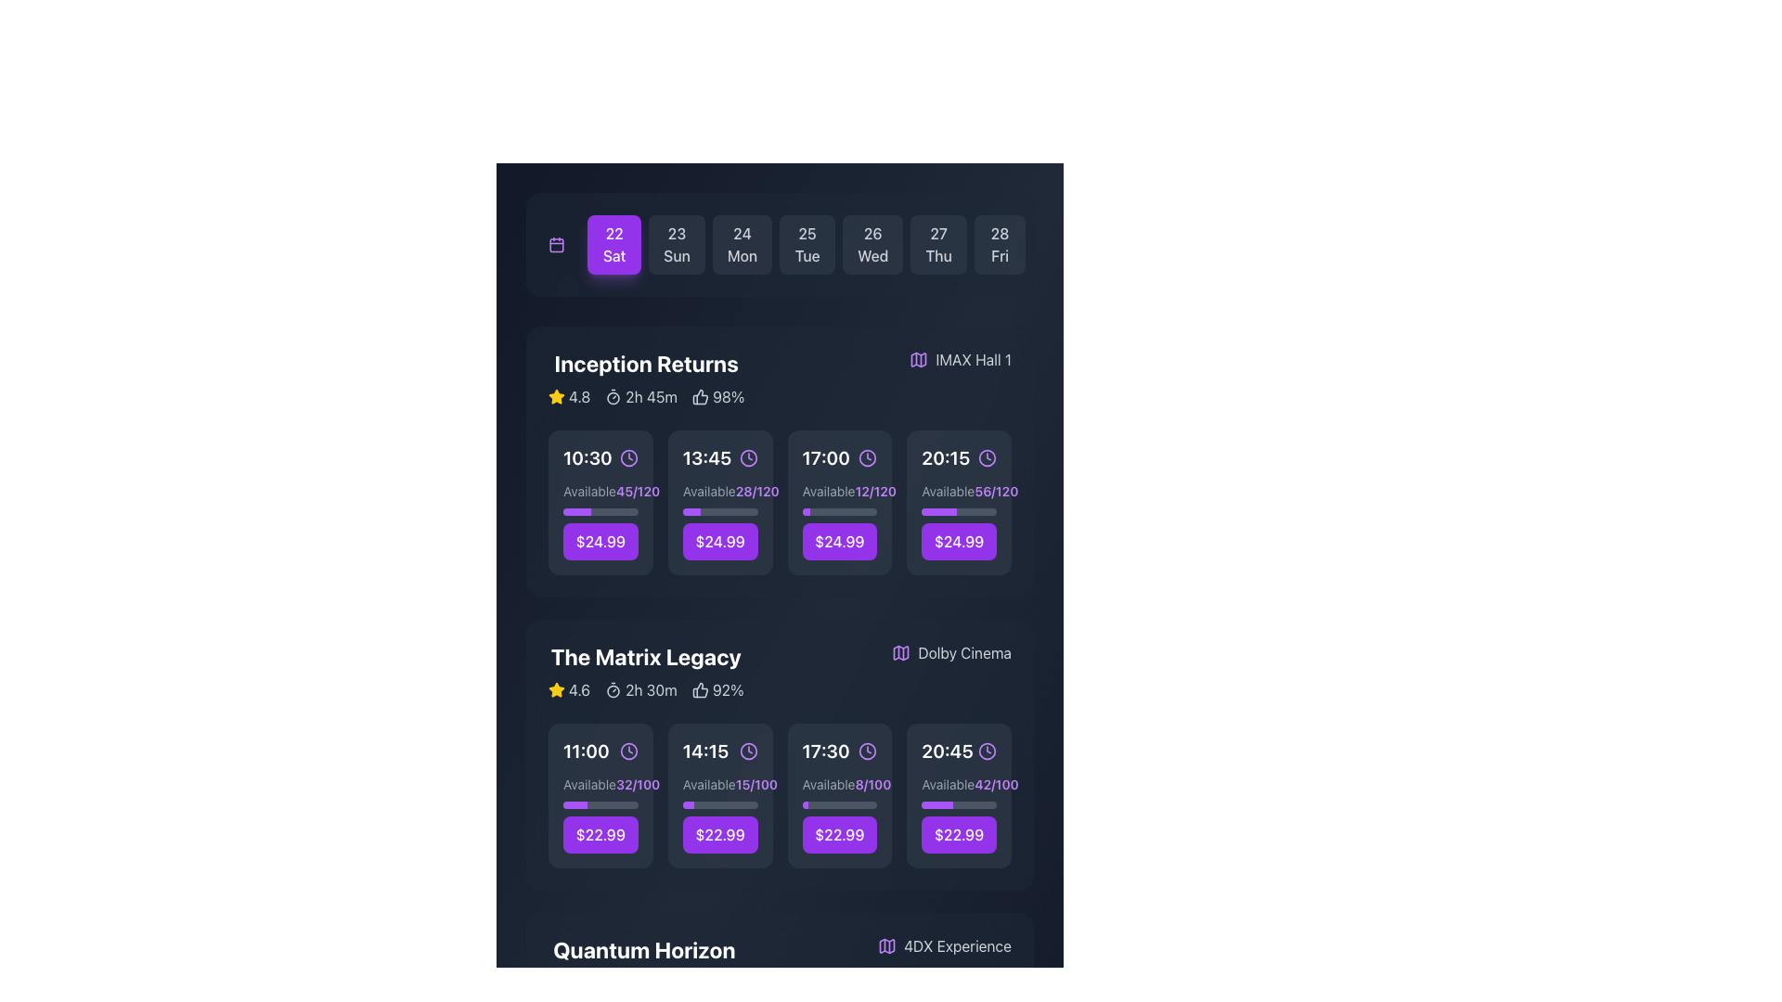  I want to click on the clock icon representing the time '10:30', located to the right of the time under the movie 'Inception Returns', so click(628, 457).